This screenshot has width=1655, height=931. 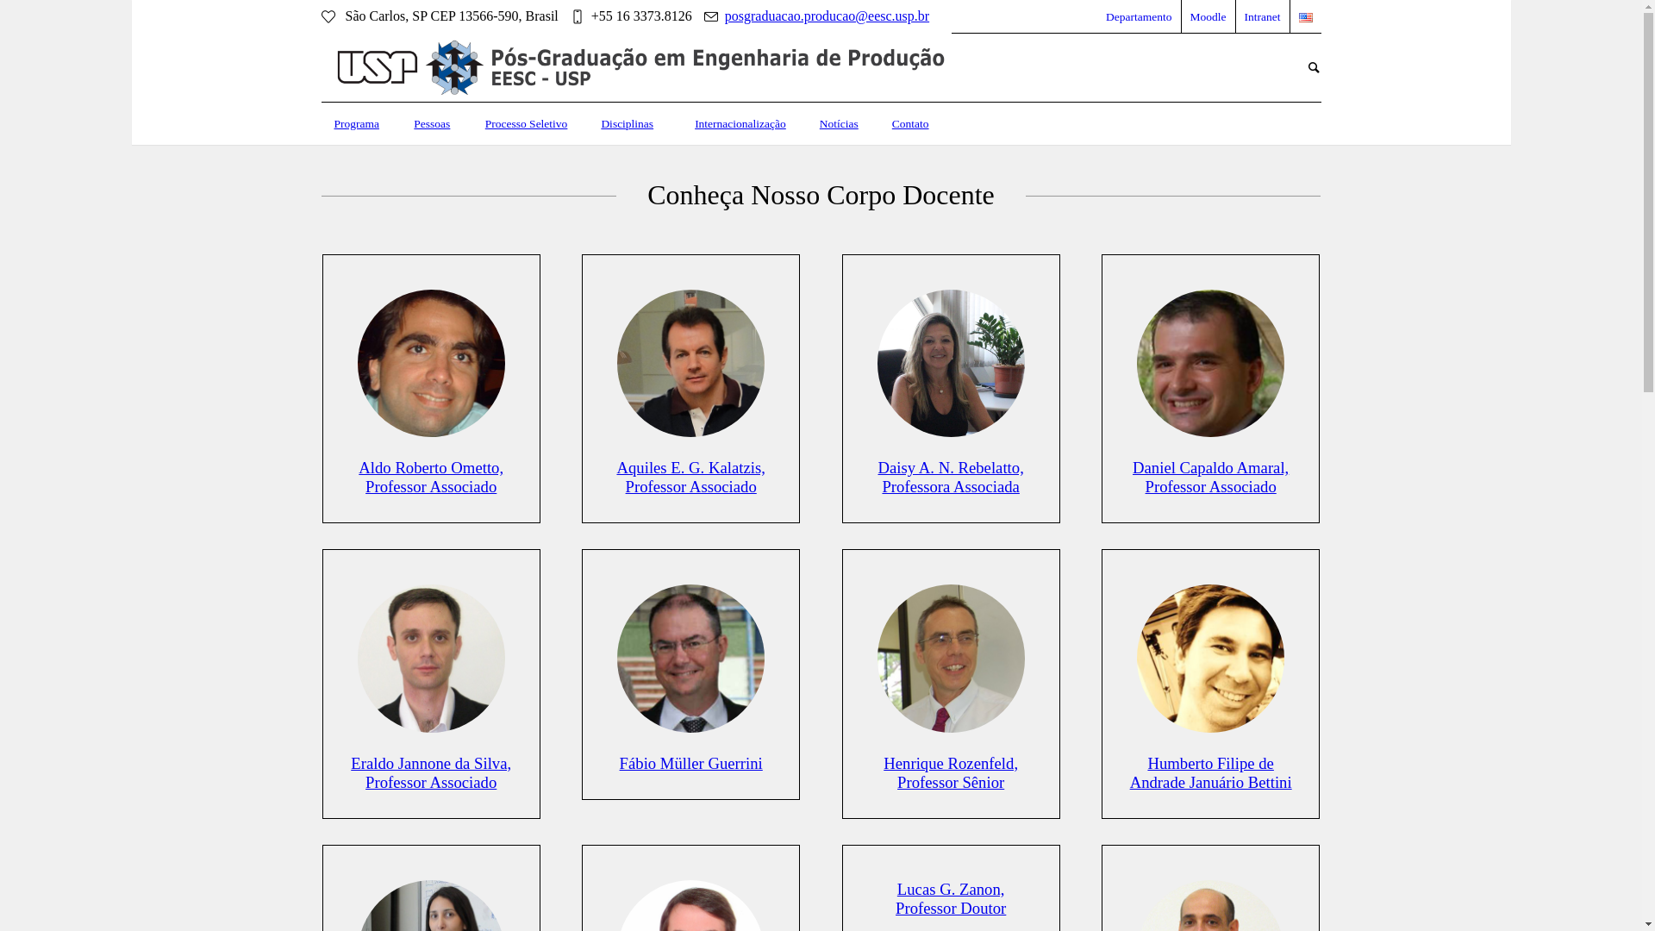 What do you see at coordinates (430, 772) in the screenshot?
I see `'Eraldo Jannone da Silva, Professor Associado'` at bounding box center [430, 772].